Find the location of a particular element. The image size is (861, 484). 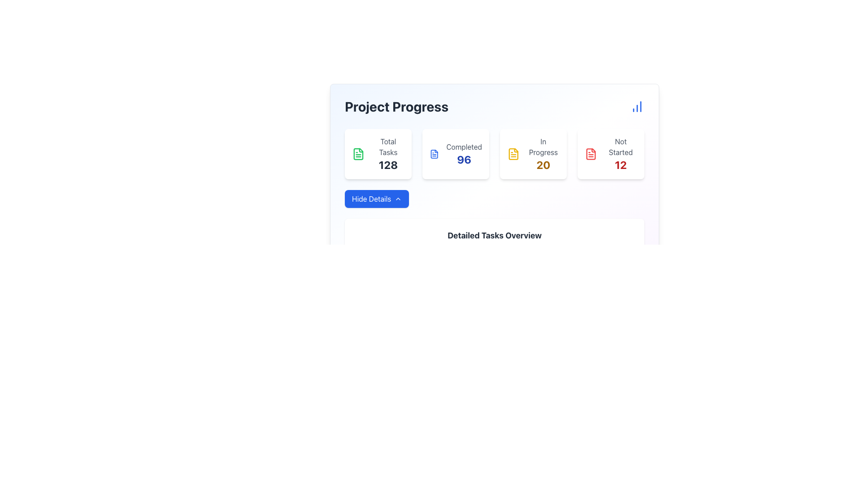

the upward-facing chevron icon located to the right of the 'Hide Details' button is located at coordinates (398, 198).